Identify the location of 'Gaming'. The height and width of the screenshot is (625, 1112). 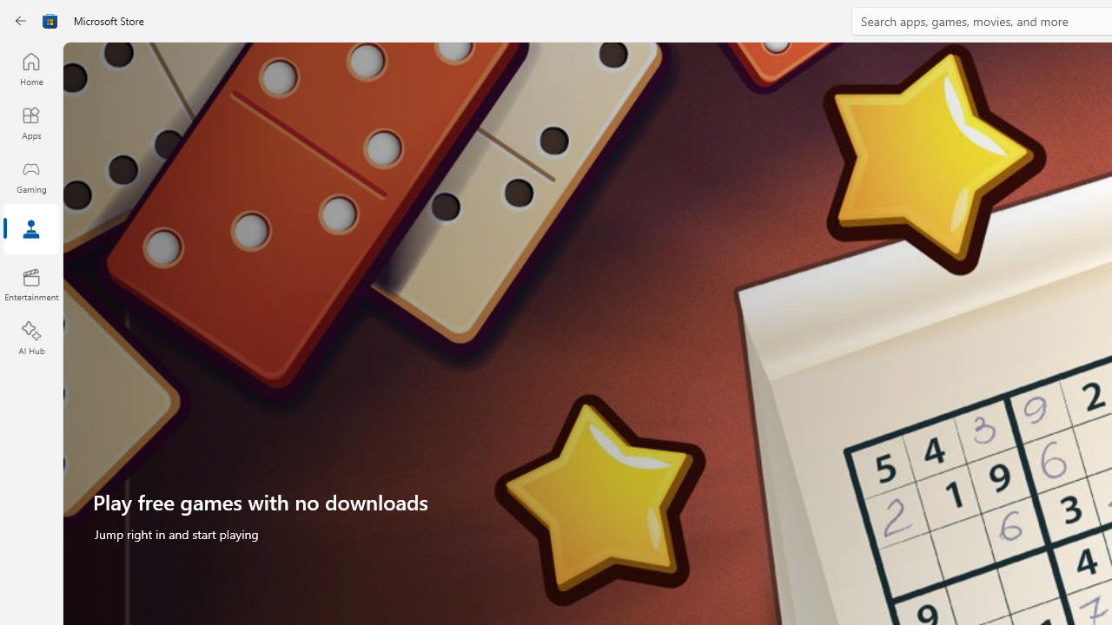
(30, 176).